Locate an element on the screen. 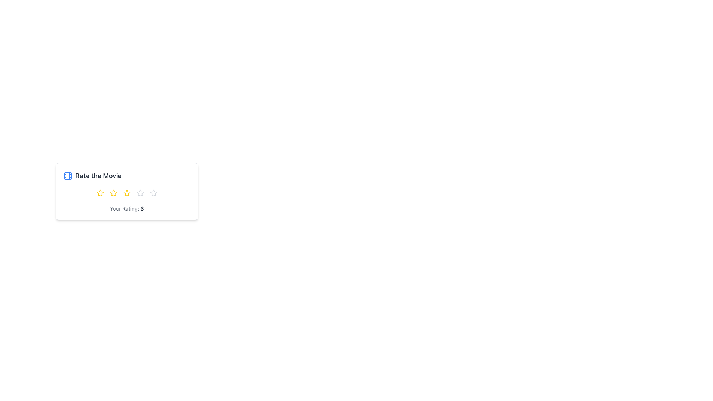 The image size is (713, 401). the third star icon for movie ratings is located at coordinates (127, 193).